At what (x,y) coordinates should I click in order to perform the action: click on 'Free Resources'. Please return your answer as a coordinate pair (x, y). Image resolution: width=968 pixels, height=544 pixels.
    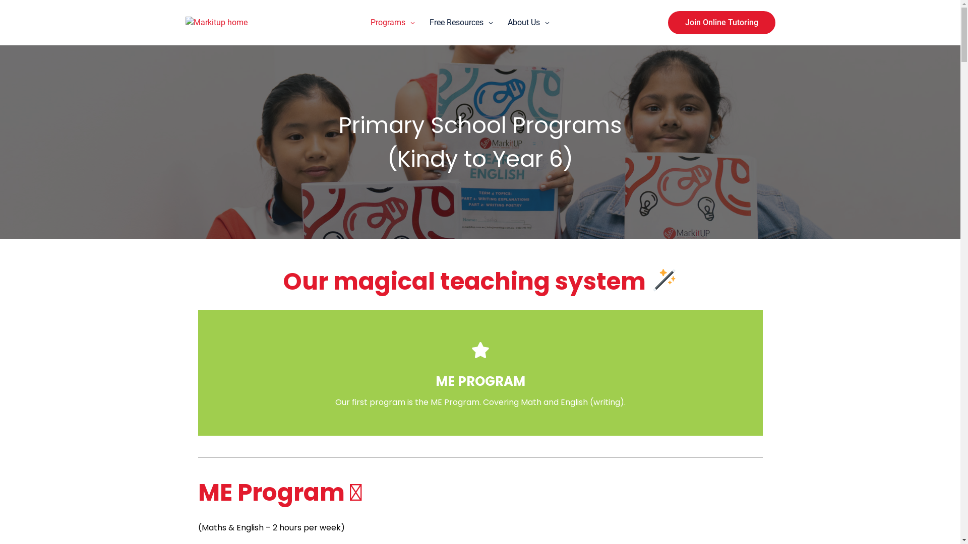
    Looking at the image, I should click on (456, 23).